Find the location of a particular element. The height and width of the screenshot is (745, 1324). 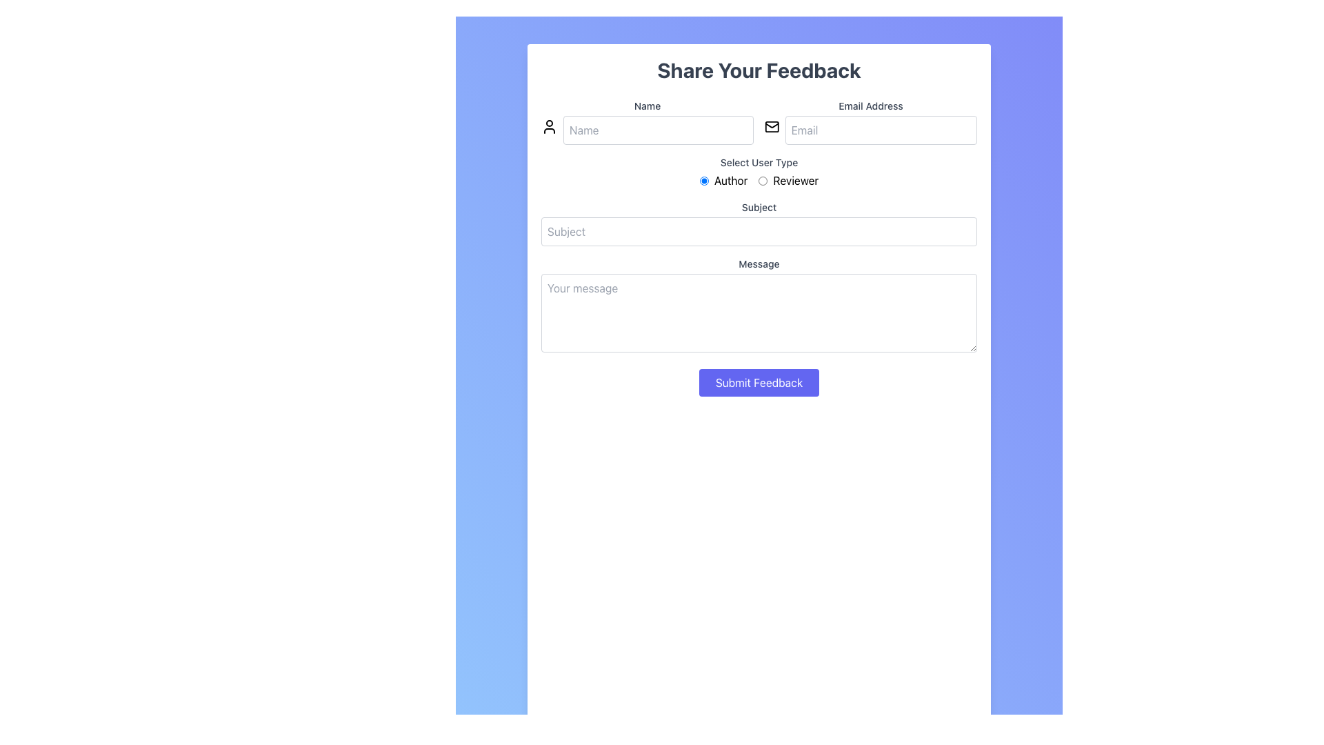

the highlighted text into the multiline Text Input Area located below the 'Subject' input field and above the 'Submit Feedback' button is located at coordinates (758, 312).